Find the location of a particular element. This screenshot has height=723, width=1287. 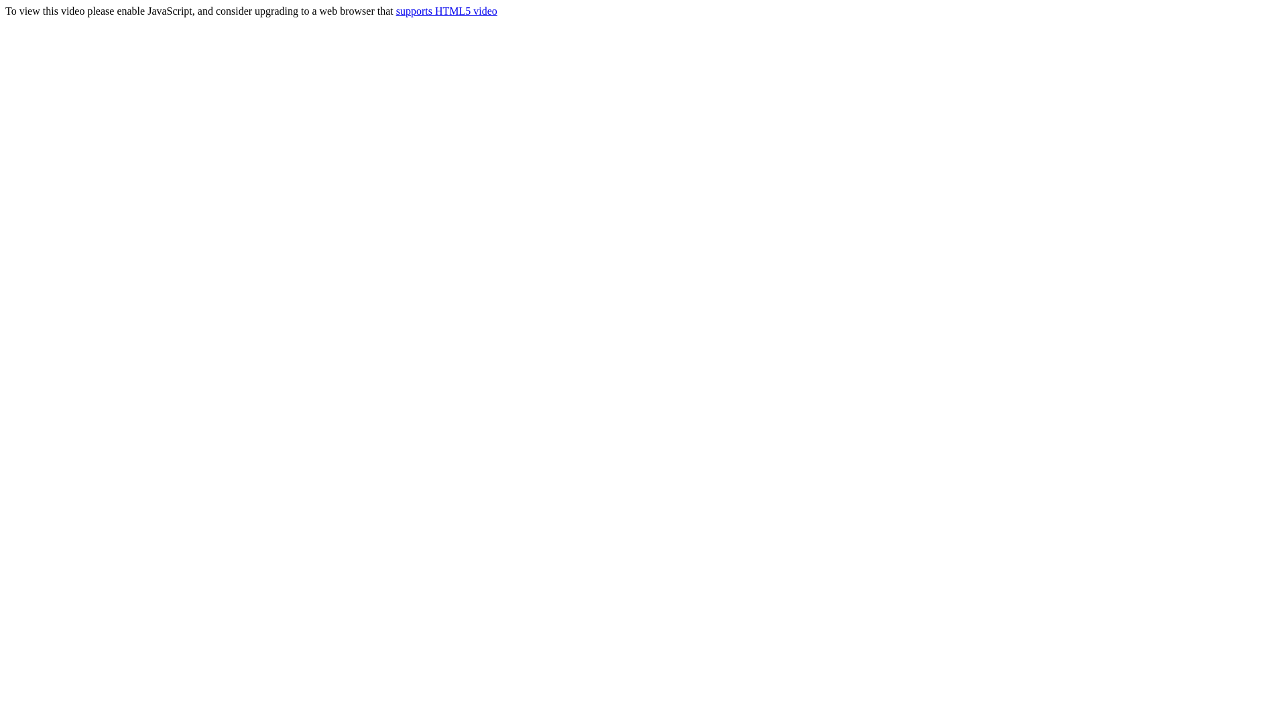

'supports HTML5 video' is located at coordinates (446, 11).